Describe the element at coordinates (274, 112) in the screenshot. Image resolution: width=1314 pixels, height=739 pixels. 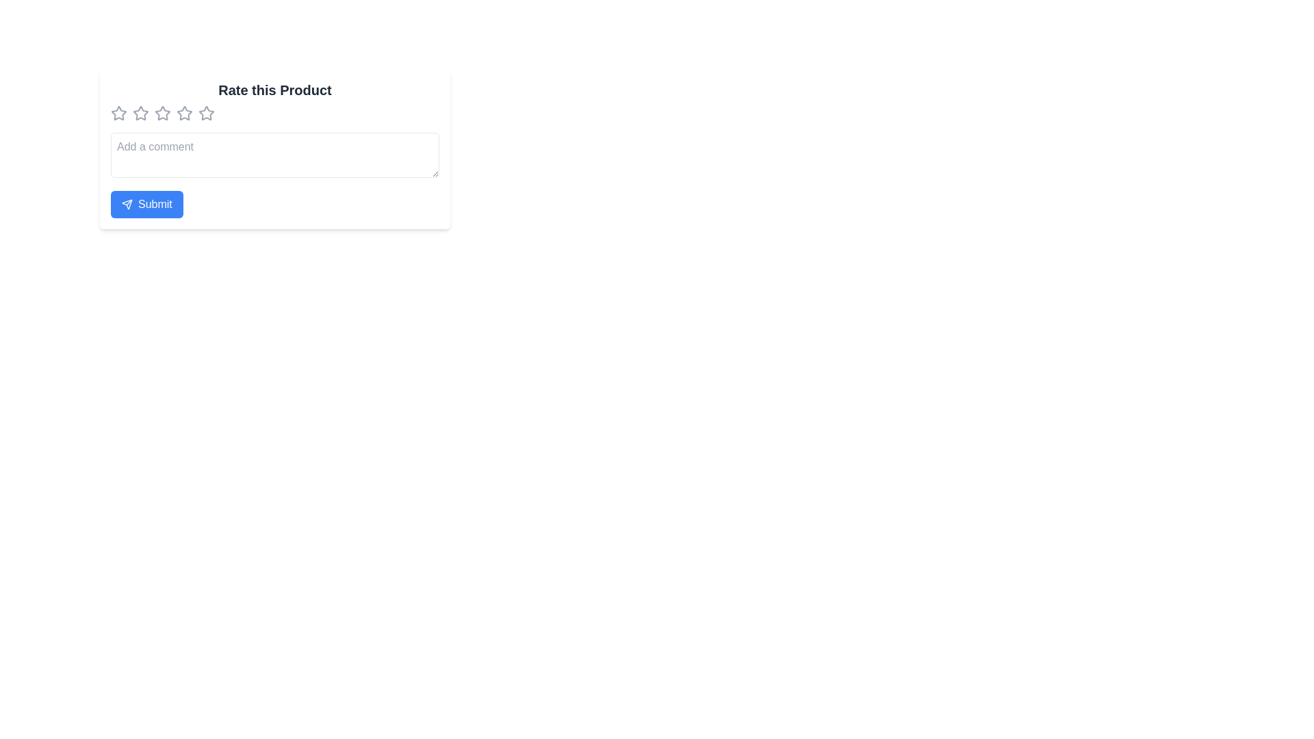
I see `a star in the Star rating component located within the 'Rate this Product' panel` at that location.